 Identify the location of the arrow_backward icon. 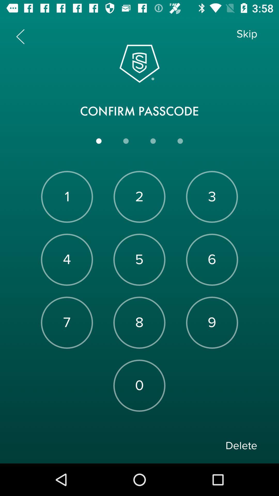
(20, 36).